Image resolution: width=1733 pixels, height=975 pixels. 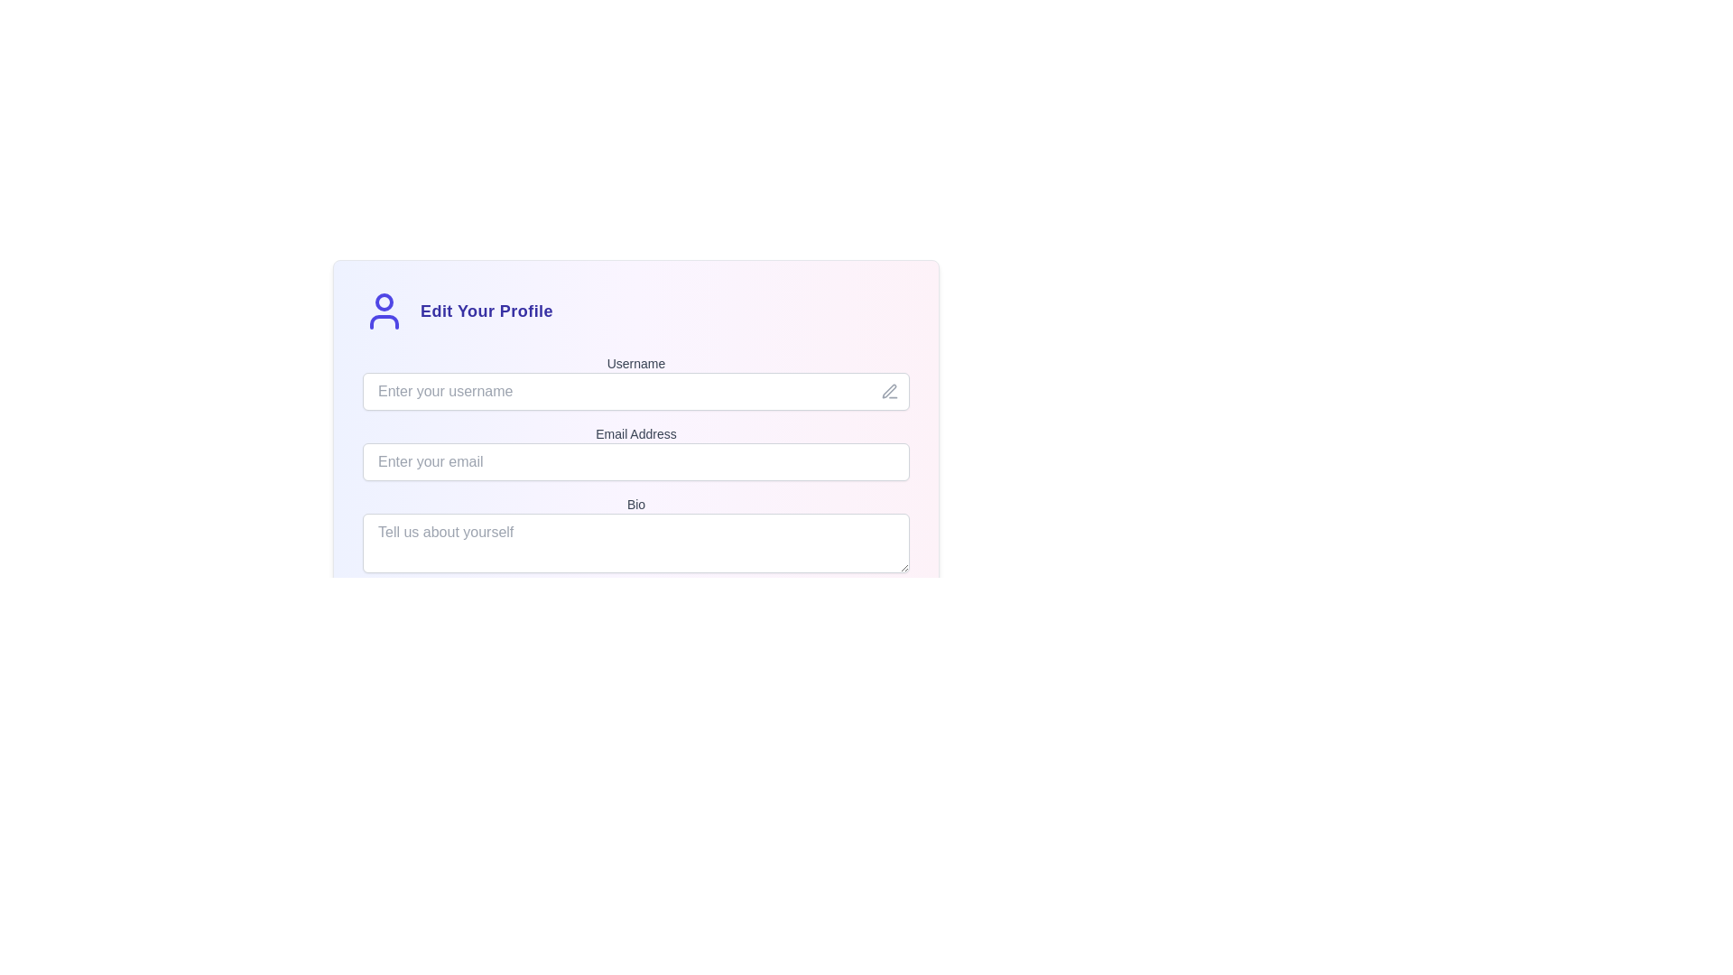 I want to click on the Text label for the username input field, which is positioned at the top center of the form and directly above the input field, so click(x=636, y=363).